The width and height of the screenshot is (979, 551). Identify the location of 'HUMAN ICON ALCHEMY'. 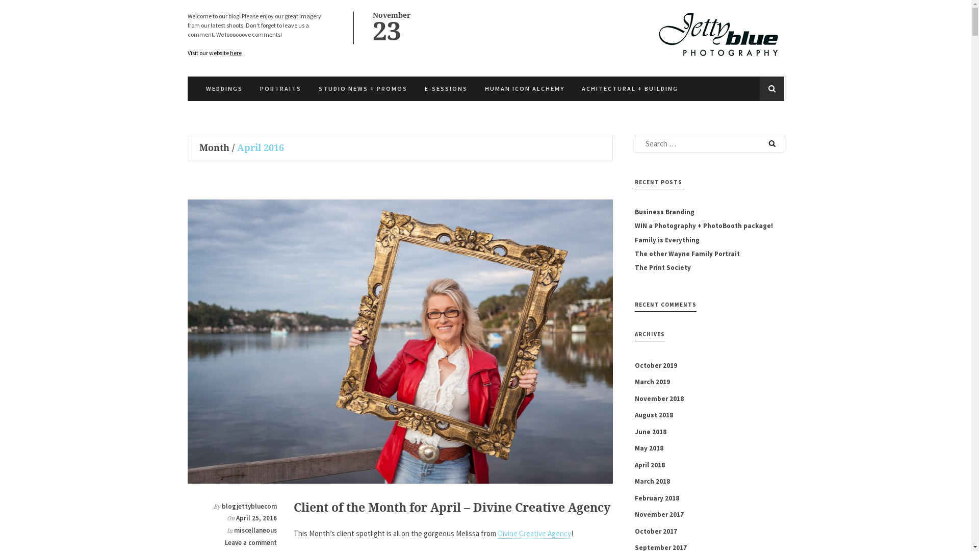
(524, 88).